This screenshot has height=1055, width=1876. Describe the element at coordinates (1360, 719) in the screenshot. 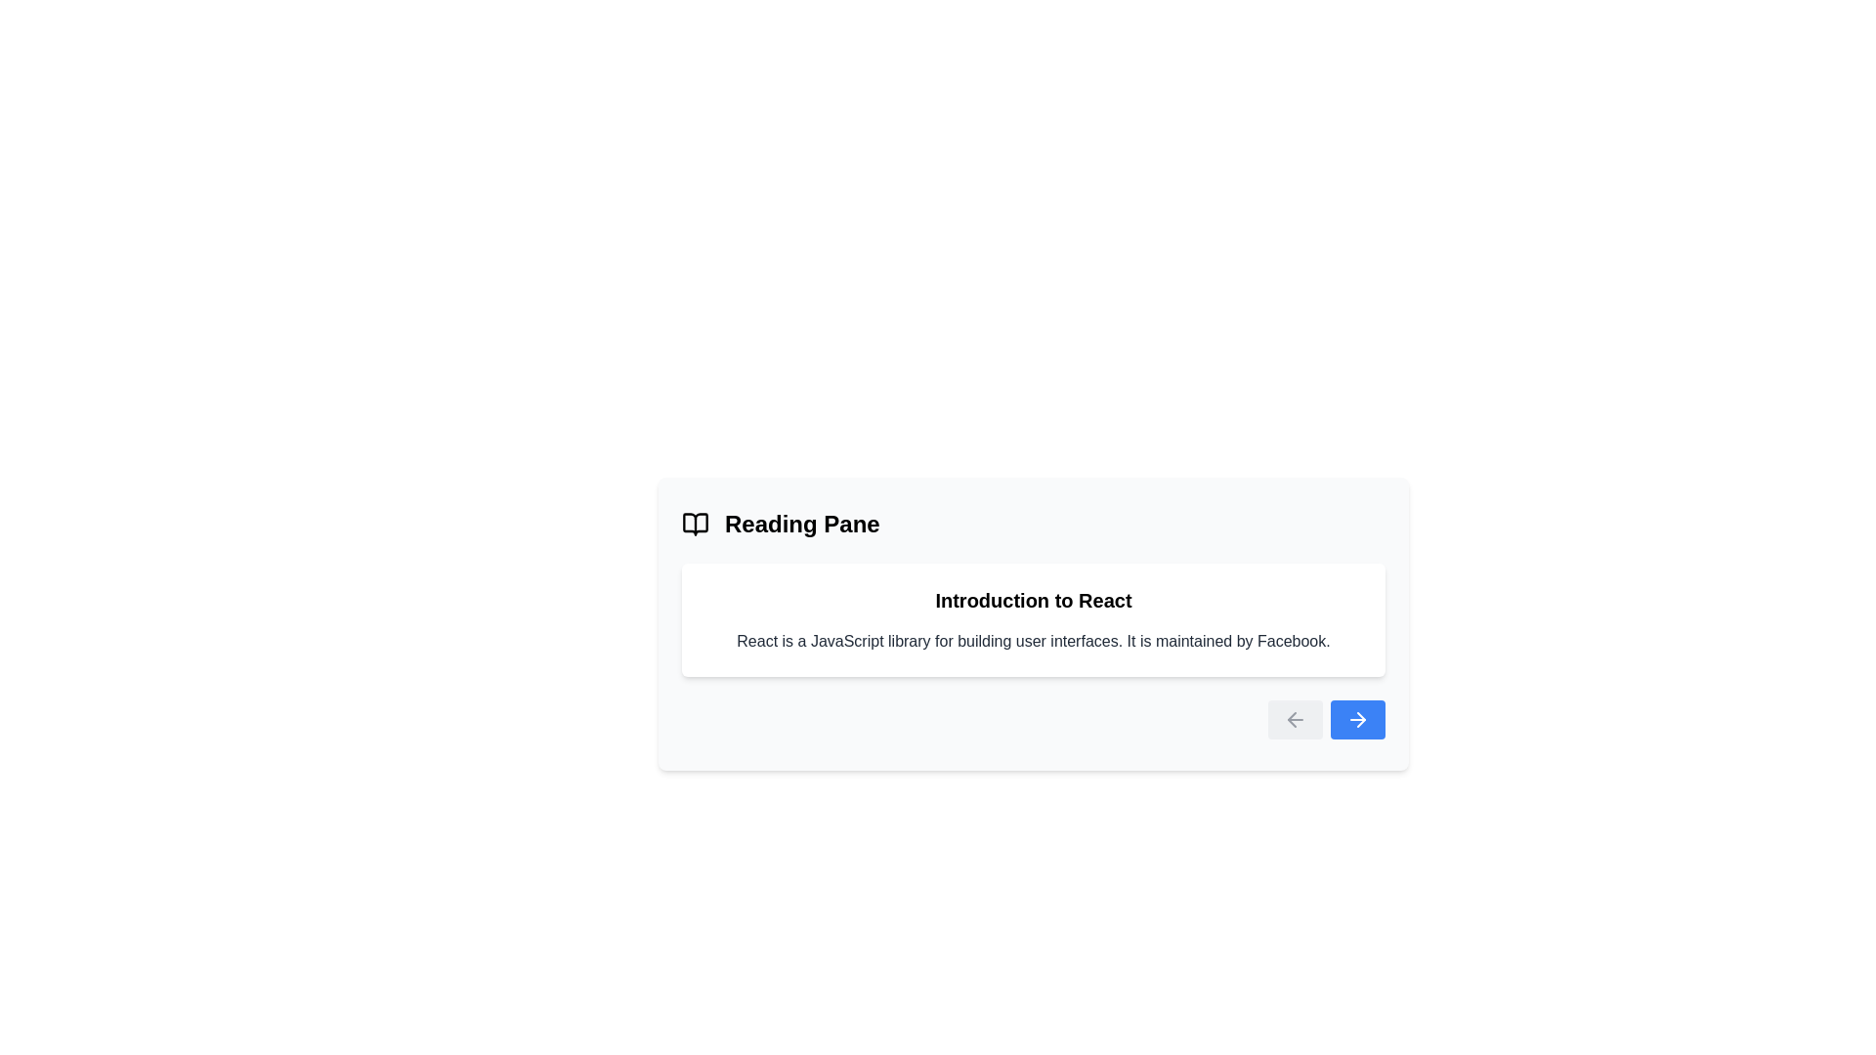

I see `the rightward chevron icon located inside a blue rectangular button to trigger a tooltip if applicable` at that location.